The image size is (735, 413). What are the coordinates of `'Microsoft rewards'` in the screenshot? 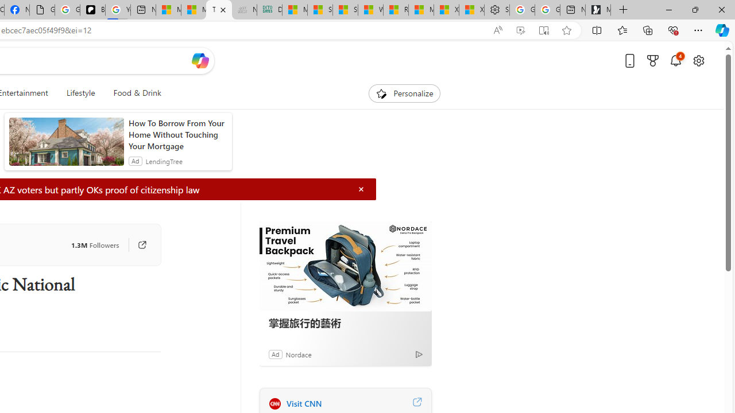 It's located at (653, 60).